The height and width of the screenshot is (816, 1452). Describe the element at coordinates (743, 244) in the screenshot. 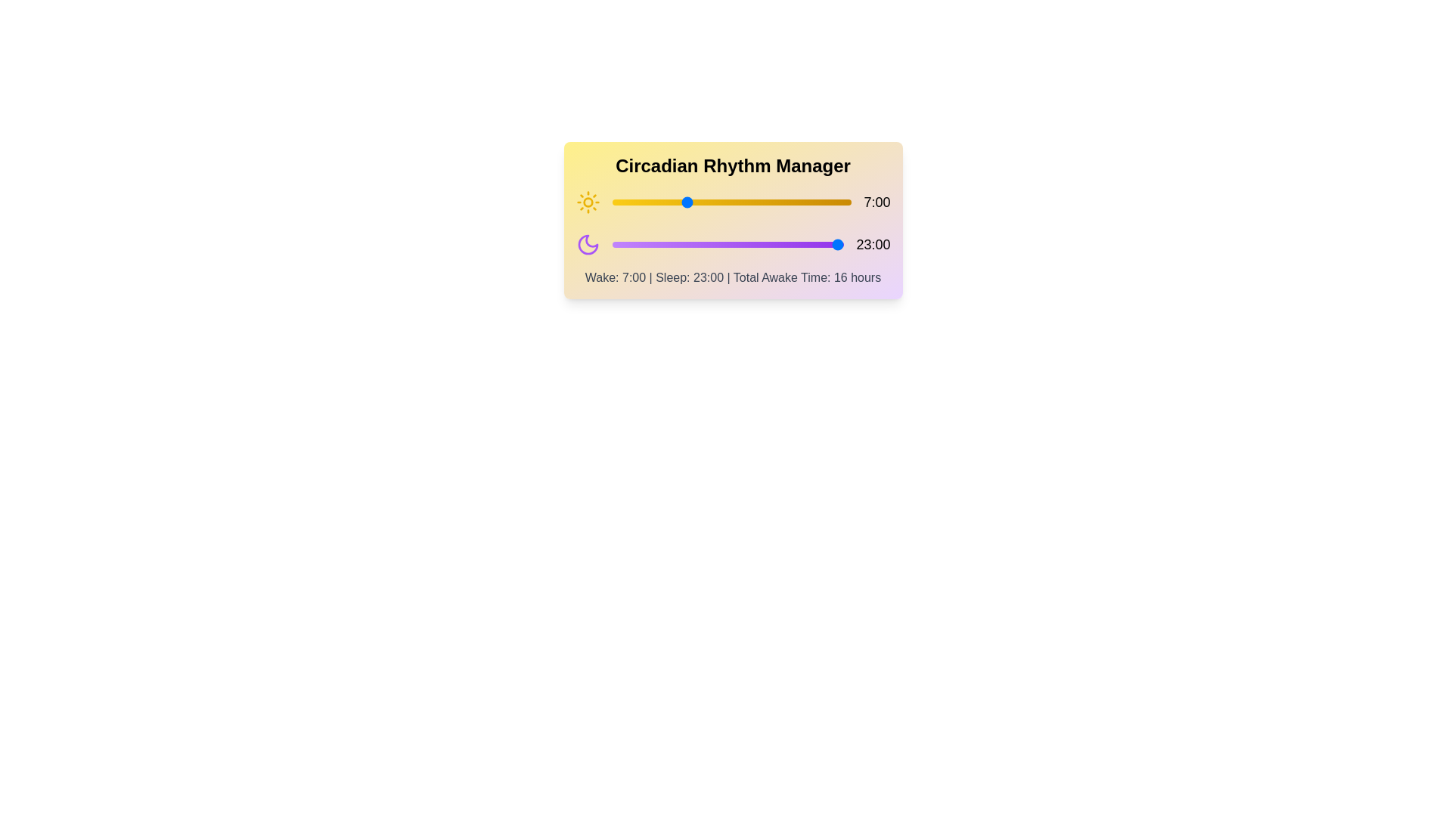

I see `the sleep hour slider to 13` at that location.